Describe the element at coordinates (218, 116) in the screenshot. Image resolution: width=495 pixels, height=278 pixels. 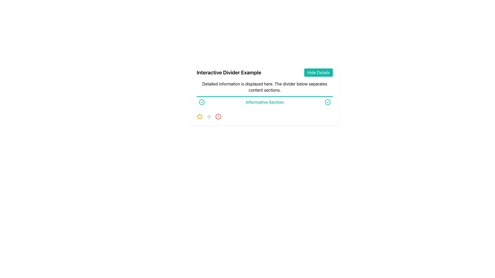
I see `the circular SVG element that serves as part of the alert icon, positioned third from the left in the row below the 'Informative Section' label` at that location.